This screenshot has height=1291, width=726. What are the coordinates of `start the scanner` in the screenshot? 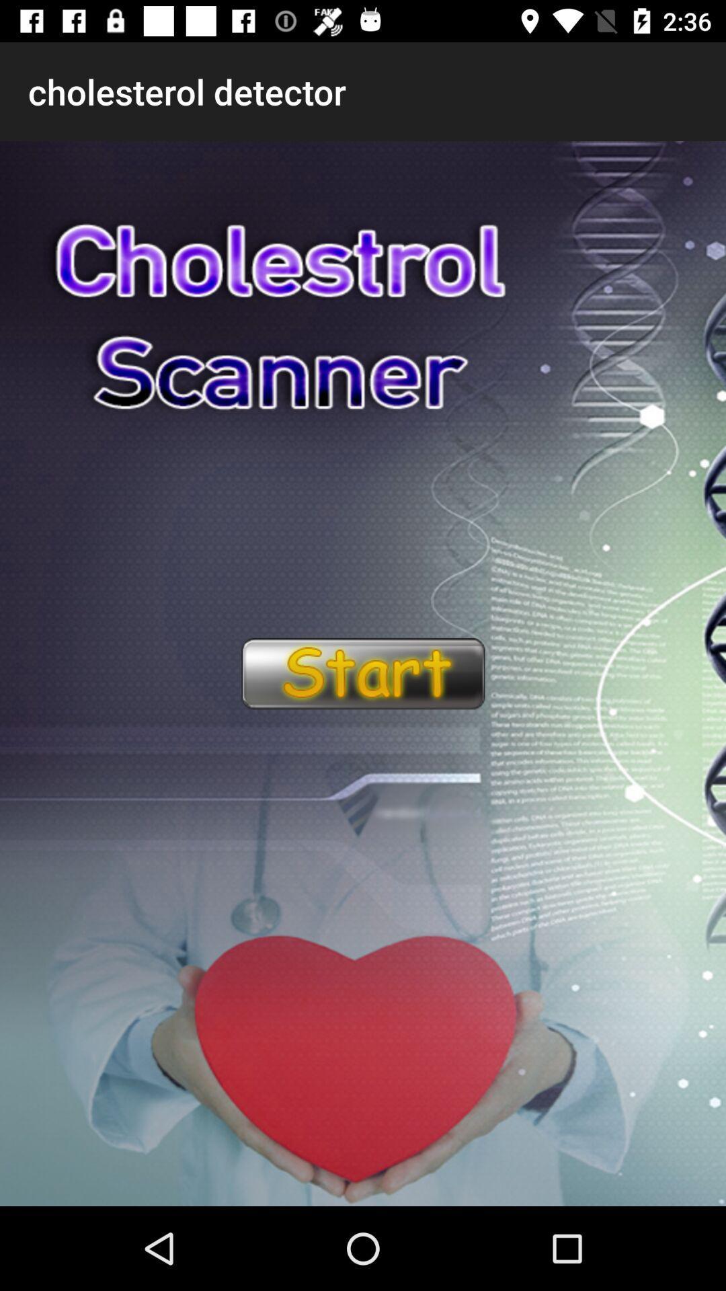 It's located at (362, 674).